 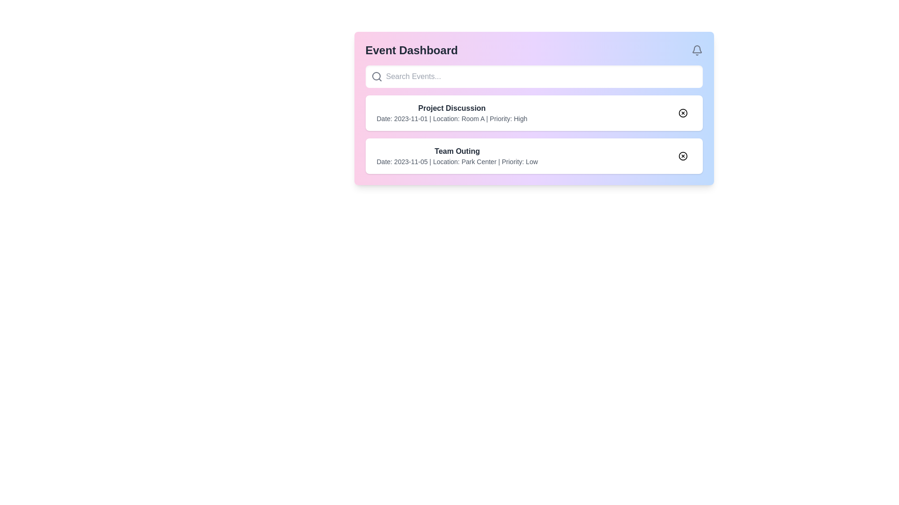 I want to click on bold title text 'Project Discussion' which is styled as a header, located prominently inside the first rectangular box below the search bar in the 'Event Dashboard', so click(x=452, y=108).